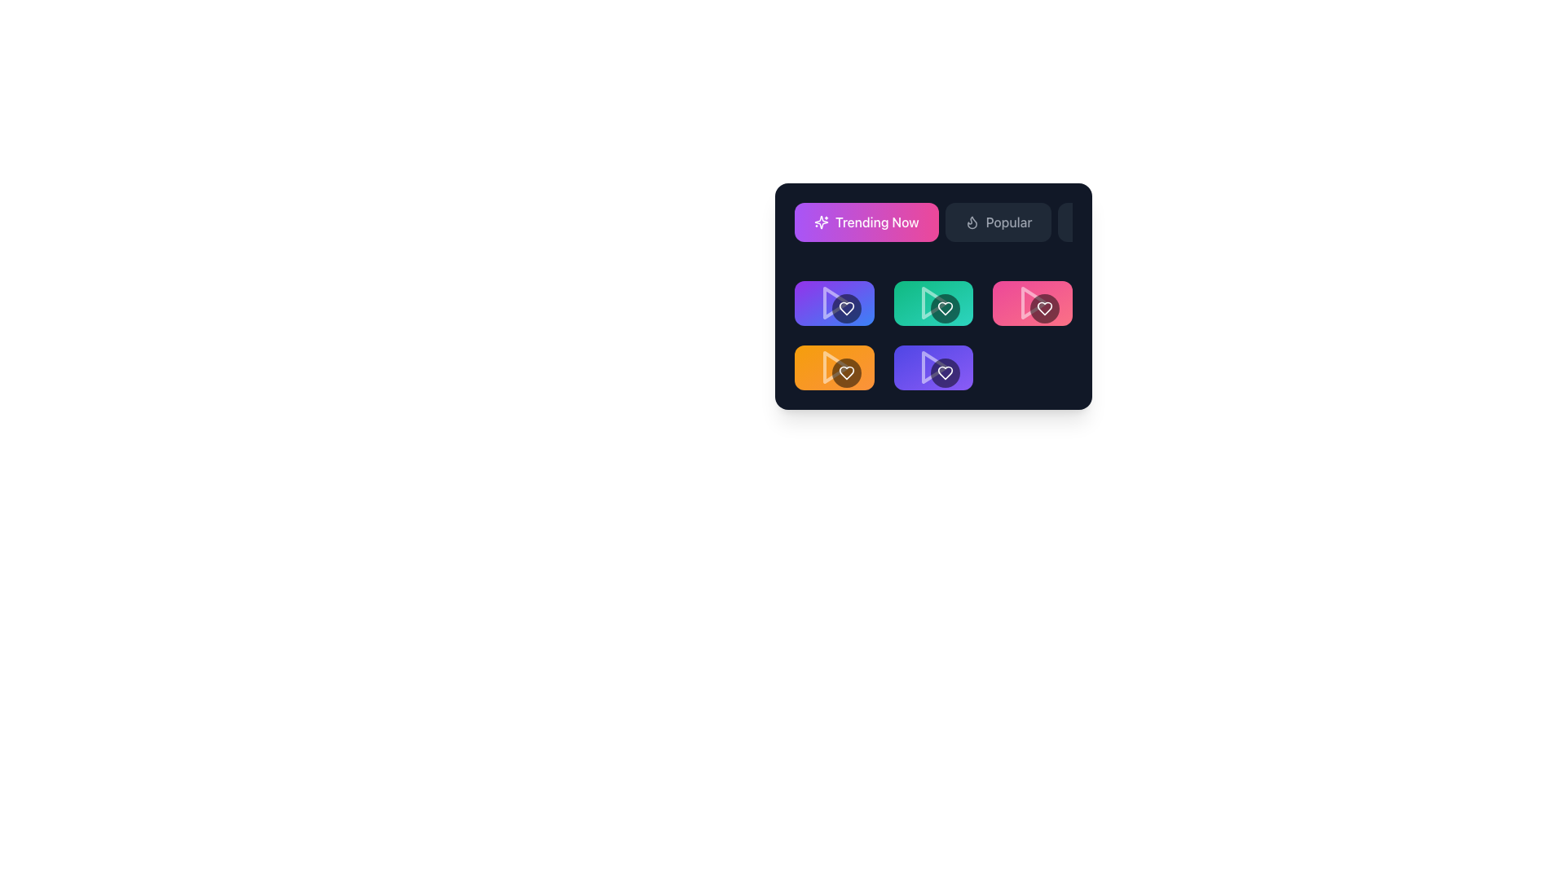  What do you see at coordinates (834, 237) in the screenshot?
I see `the rectangular button with rounded corners that has a gradient background from purple to pink, featuring a star icon on the left and the text 'Trending Now' in white` at bounding box center [834, 237].